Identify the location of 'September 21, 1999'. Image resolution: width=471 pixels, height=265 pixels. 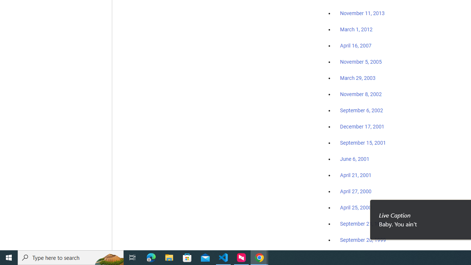
(363, 223).